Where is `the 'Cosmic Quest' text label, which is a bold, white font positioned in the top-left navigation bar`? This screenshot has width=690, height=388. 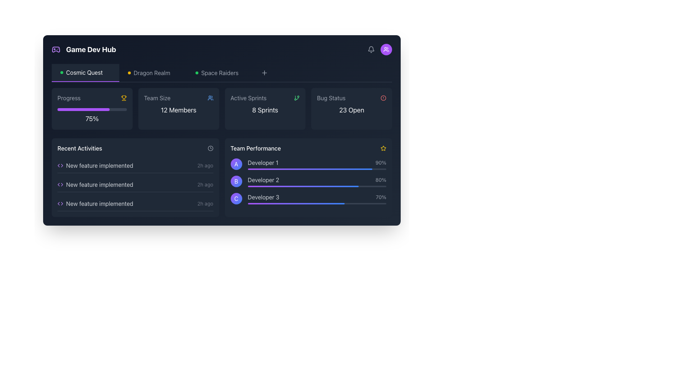
the 'Cosmic Quest' text label, which is a bold, white font positioned in the top-left navigation bar is located at coordinates (84, 72).